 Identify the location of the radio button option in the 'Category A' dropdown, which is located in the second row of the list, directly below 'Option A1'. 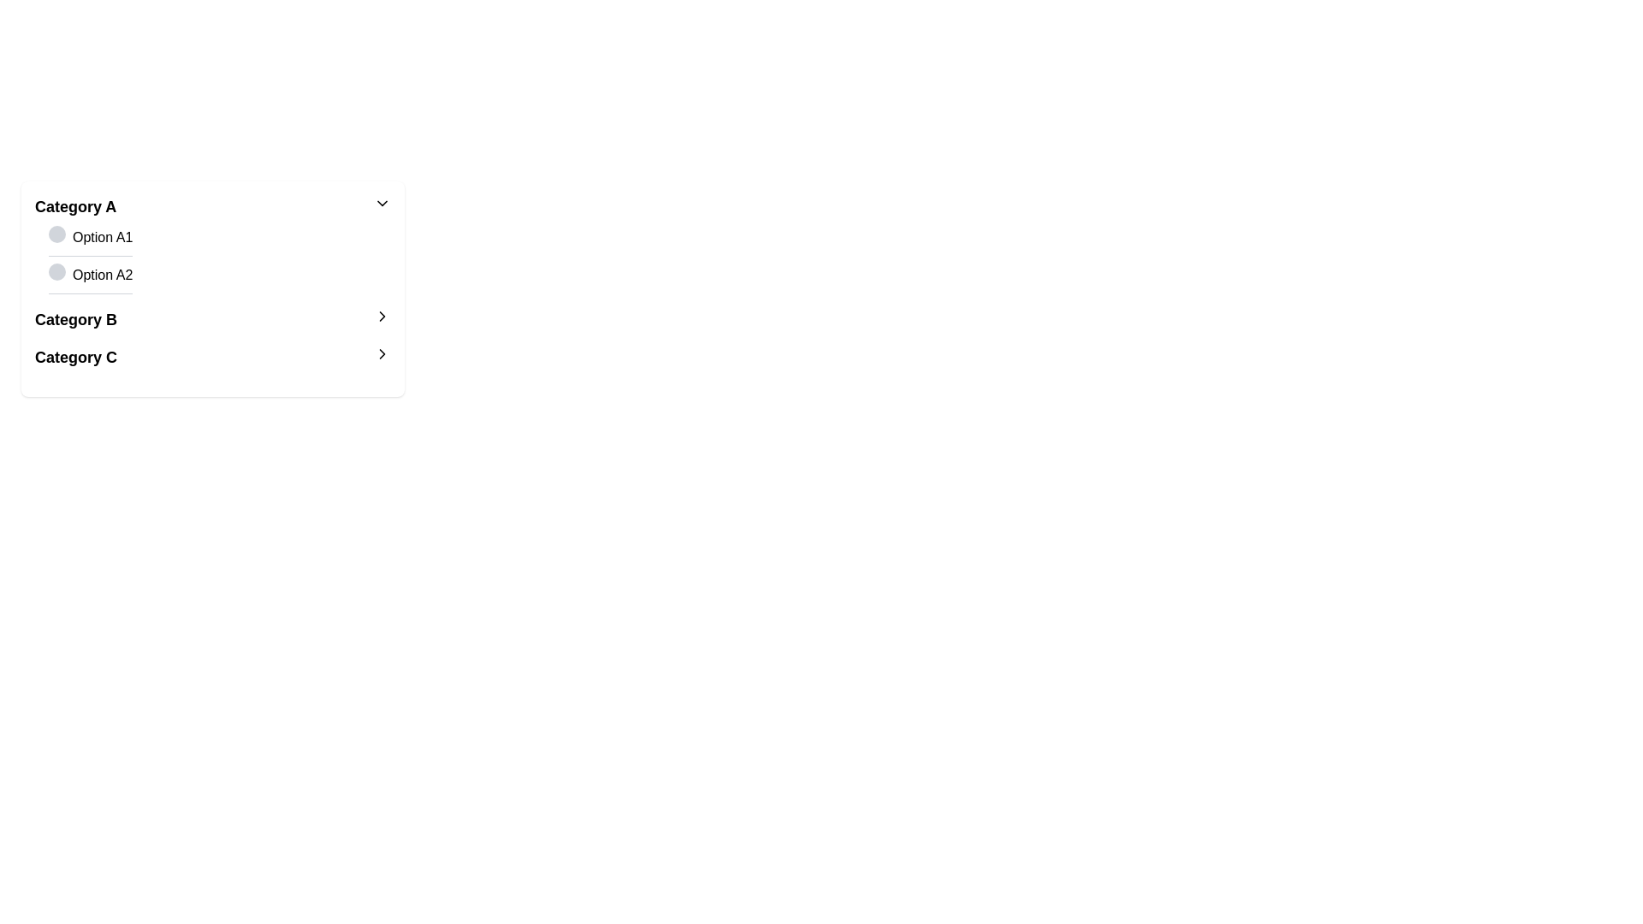
(219, 278).